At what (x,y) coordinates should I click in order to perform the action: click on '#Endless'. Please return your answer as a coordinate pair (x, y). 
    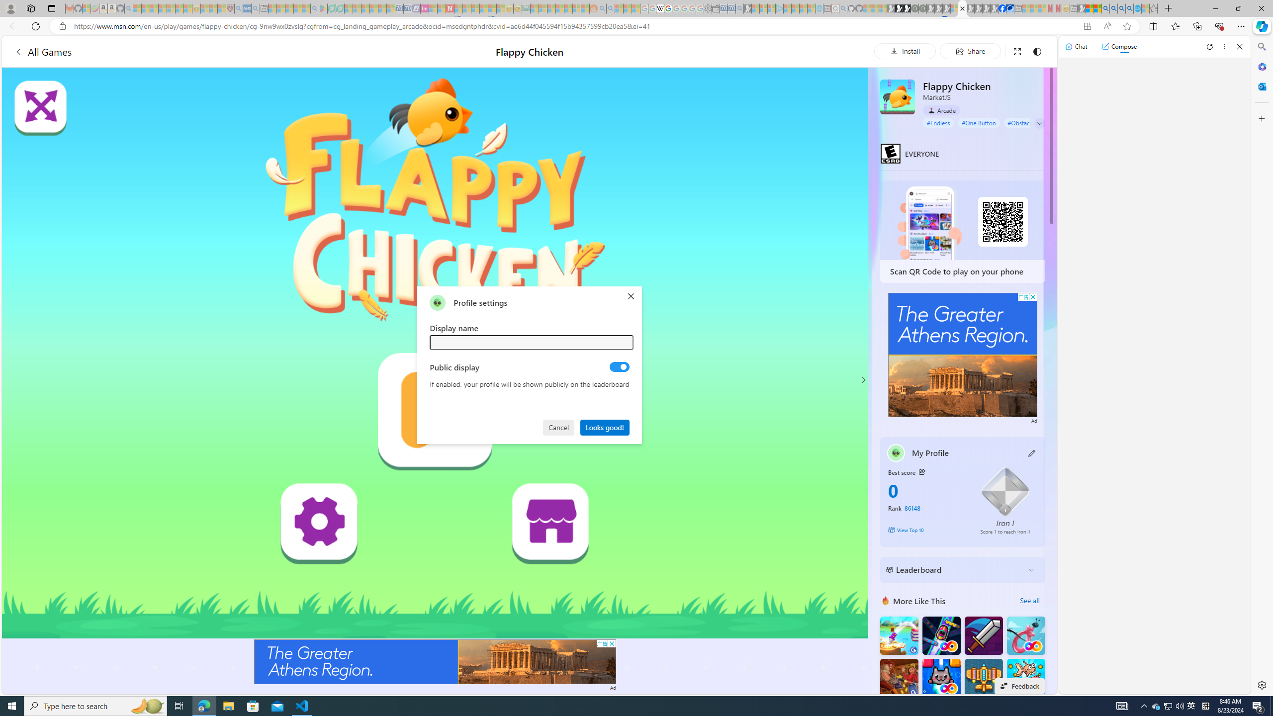
    Looking at the image, I should click on (938, 122).